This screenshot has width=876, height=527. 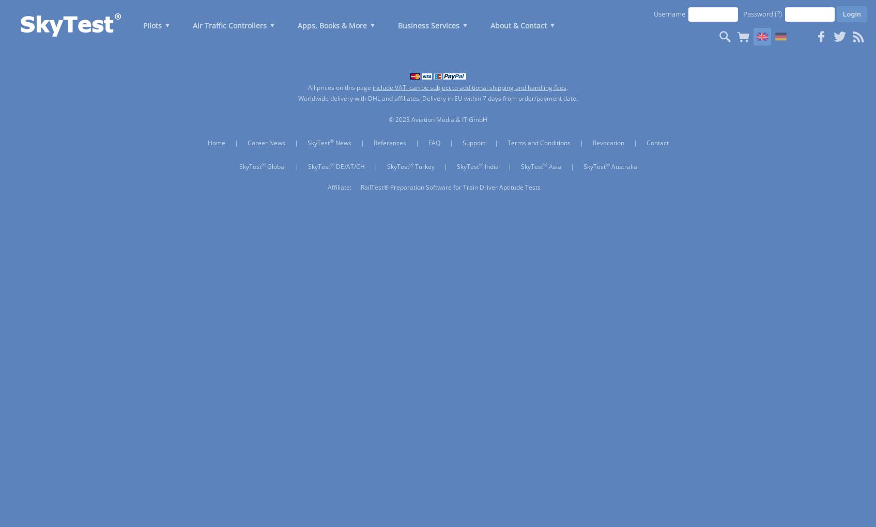 I want to click on 'FAQ', so click(x=434, y=142).